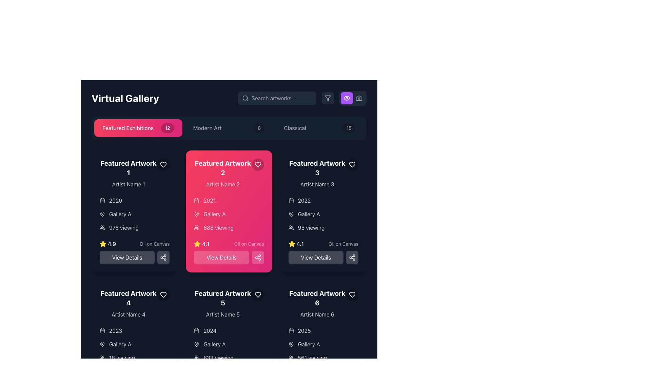 The width and height of the screenshot is (651, 366). What do you see at coordinates (196, 344) in the screenshot?
I see `the map pin icon located below the title 'Gallery A' and above the text '833 viewing' in the second artwork card ('Featured Artwork 5')` at bounding box center [196, 344].